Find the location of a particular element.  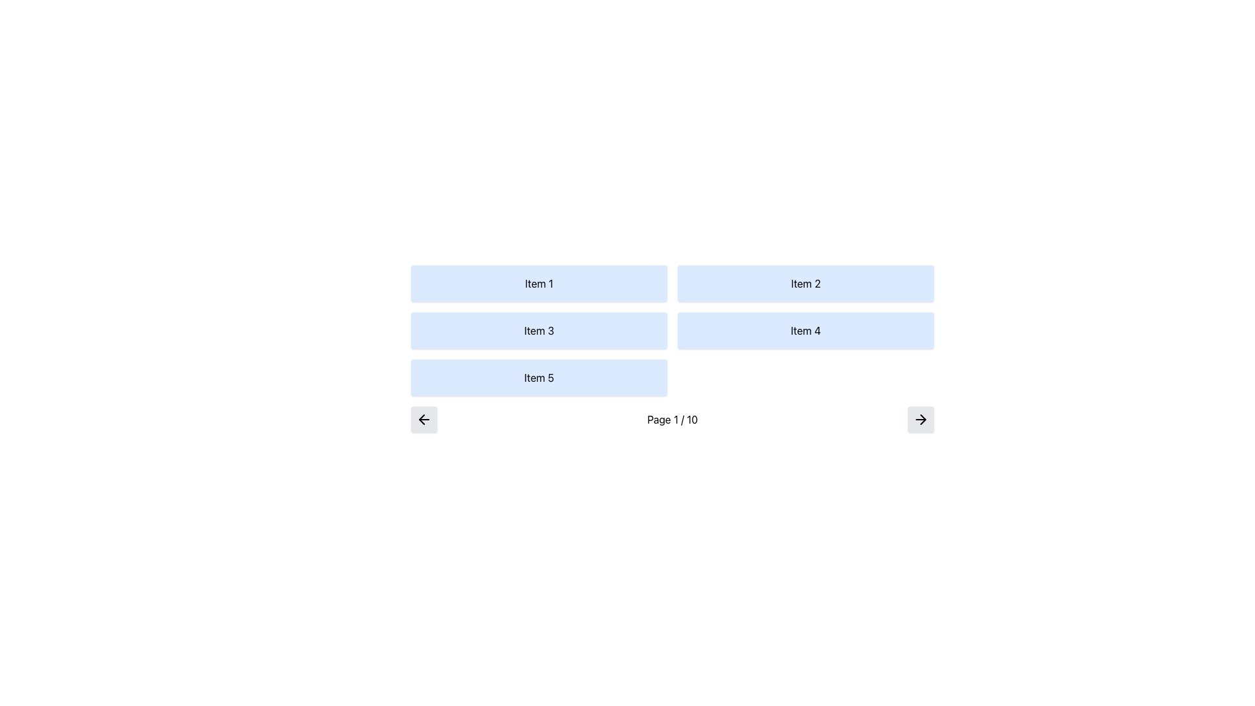

the navigation button located at the bottom-left corner of the interface, adjacent to the text 'Page 1 / 10' is located at coordinates (424, 419).